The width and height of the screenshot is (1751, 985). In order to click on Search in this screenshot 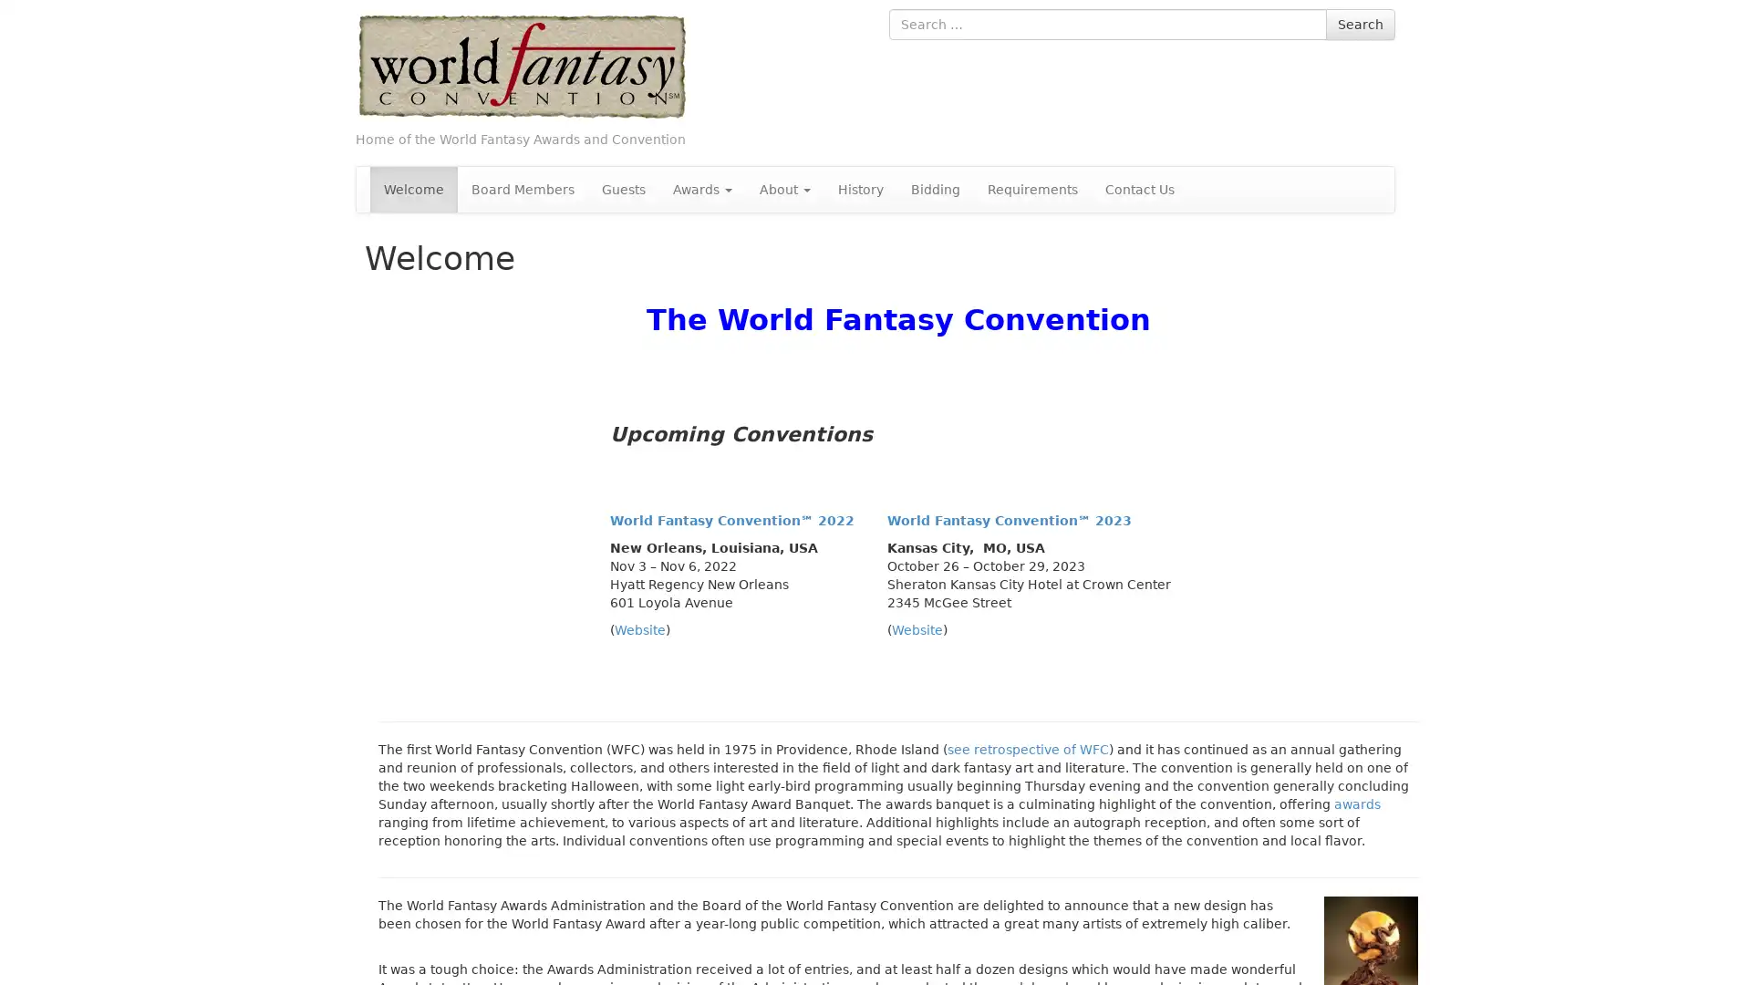, I will do `click(1361, 25)`.